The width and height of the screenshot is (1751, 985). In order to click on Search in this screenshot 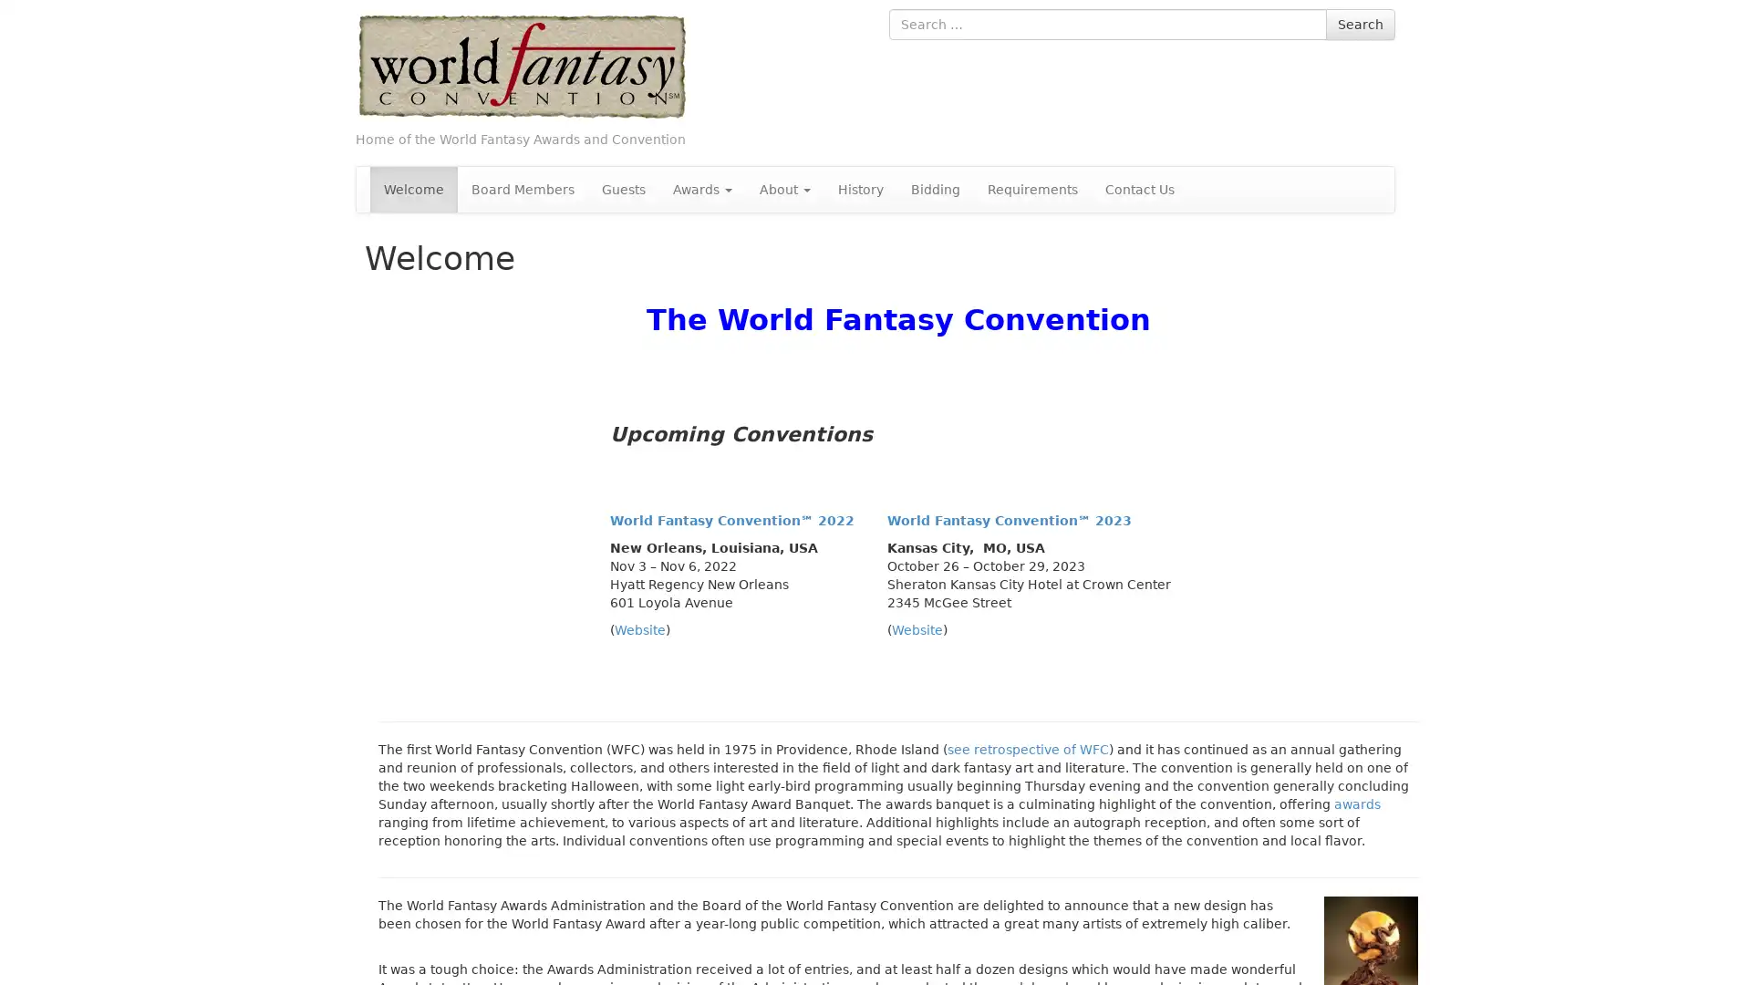, I will do `click(1361, 25)`.